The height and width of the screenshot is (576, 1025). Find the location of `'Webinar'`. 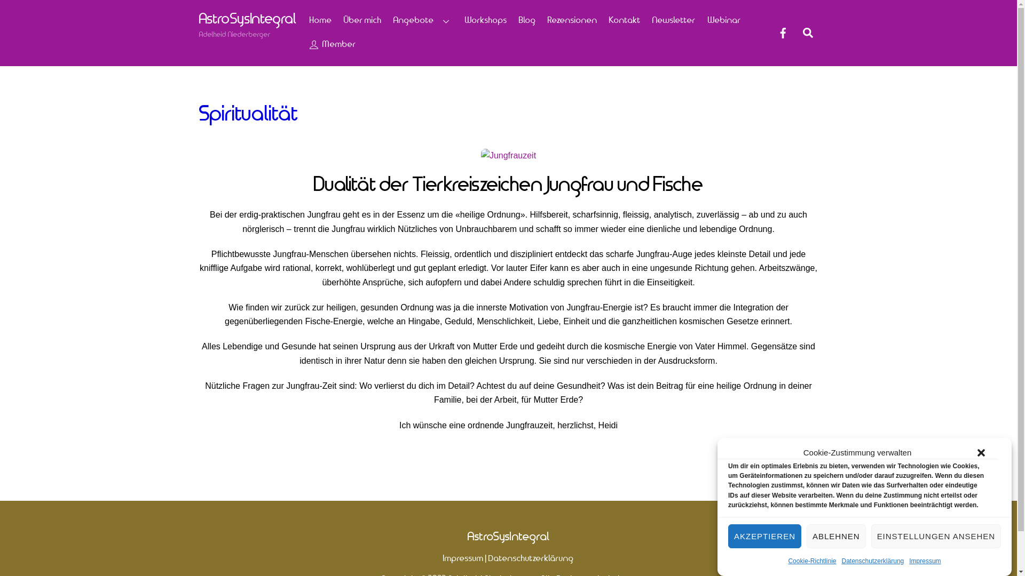

'Webinar' is located at coordinates (724, 20).